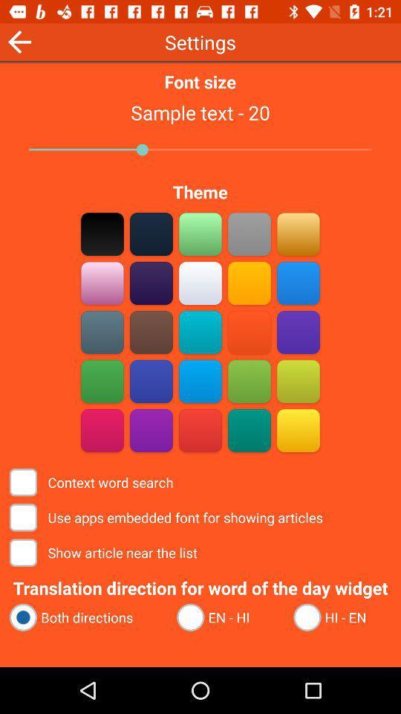  I want to click on press the button, so click(200, 234).